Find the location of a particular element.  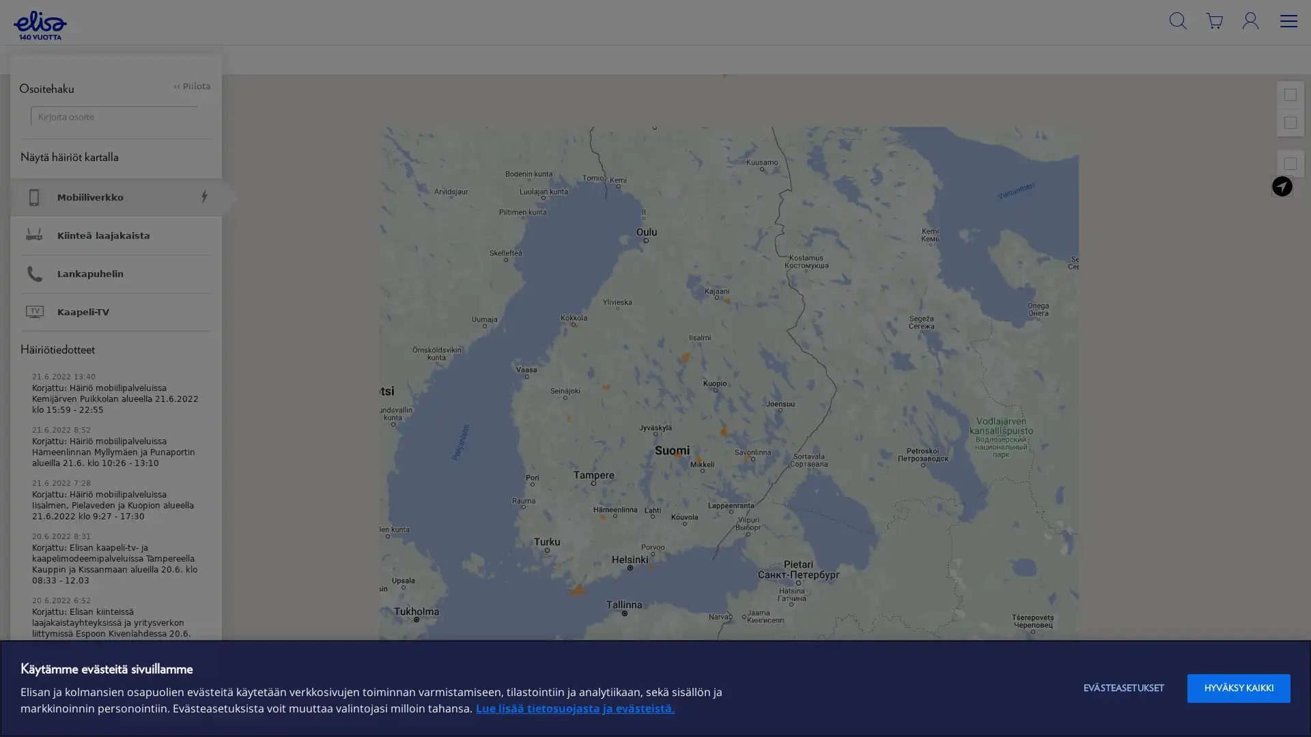

EVASTEASETUKSET is located at coordinates (1124, 689).